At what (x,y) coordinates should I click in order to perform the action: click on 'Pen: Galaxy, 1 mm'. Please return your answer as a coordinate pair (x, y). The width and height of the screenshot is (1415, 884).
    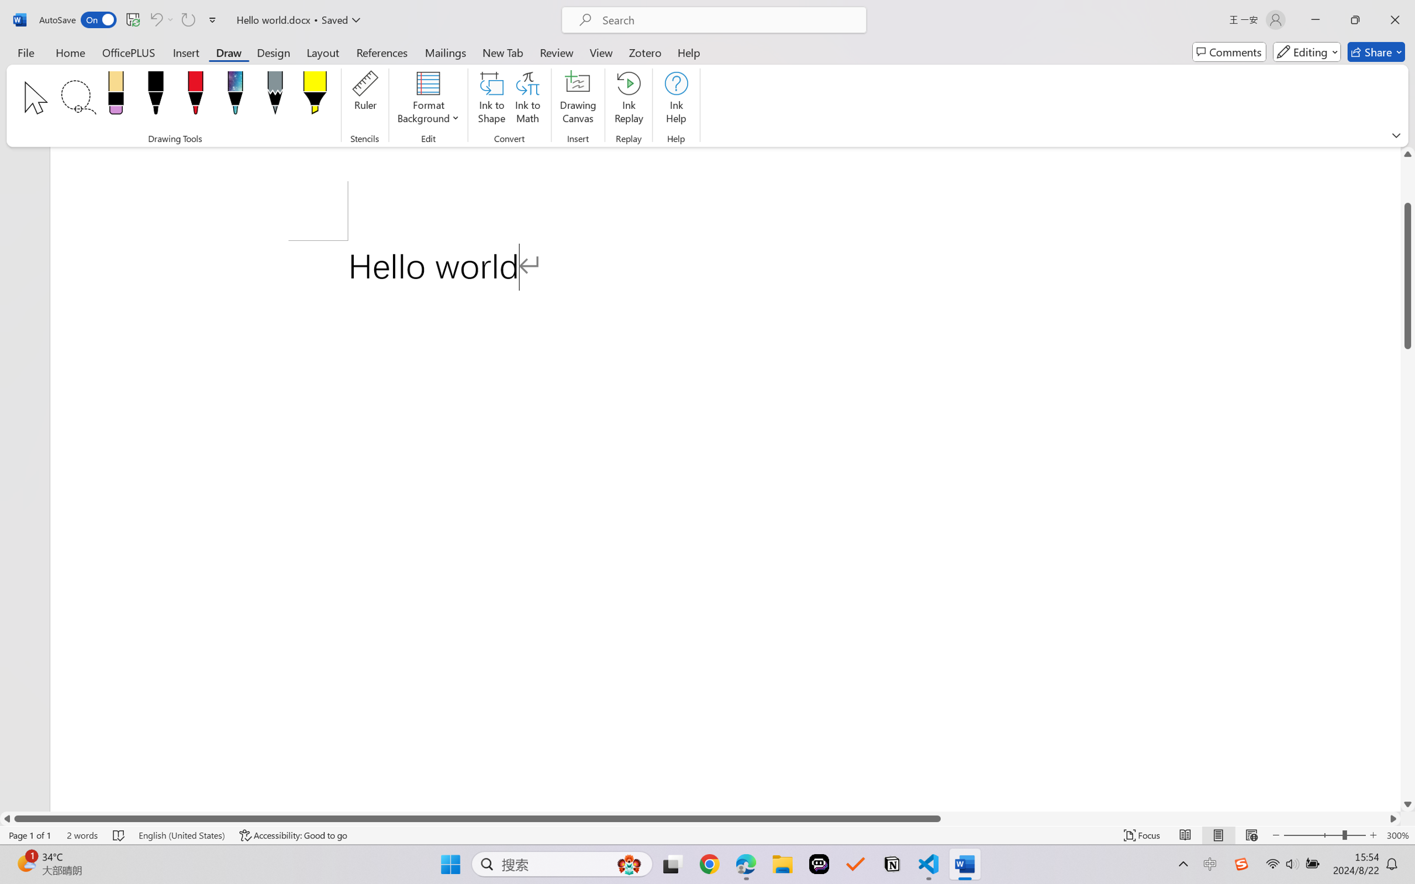
    Looking at the image, I should click on (234, 95).